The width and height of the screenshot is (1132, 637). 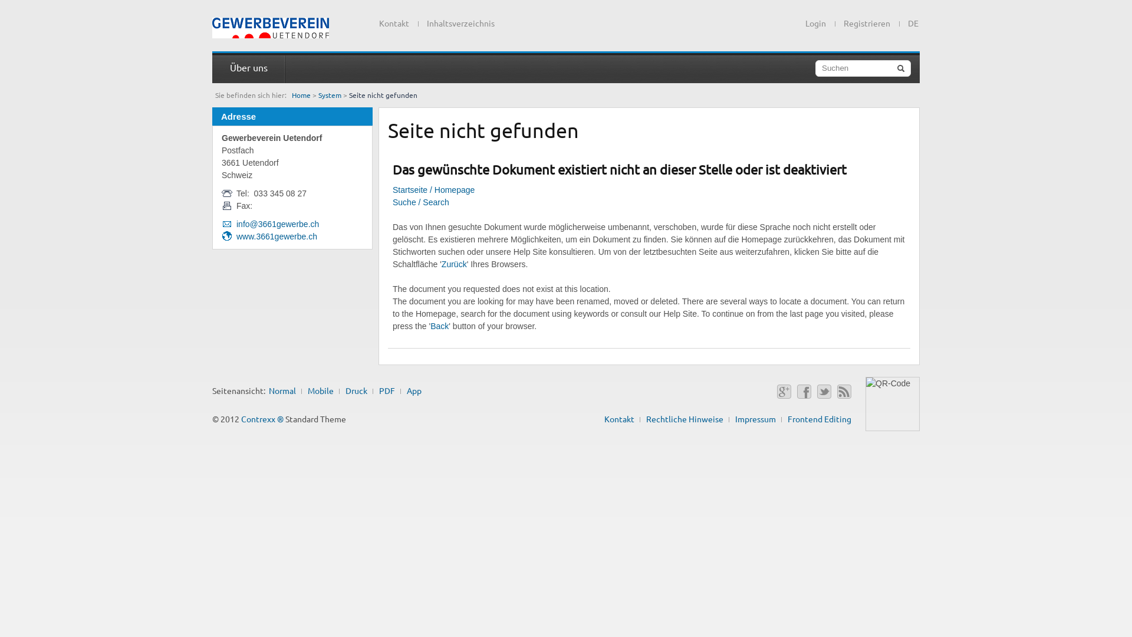 What do you see at coordinates (421, 202) in the screenshot?
I see `'Suche / Search'` at bounding box center [421, 202].